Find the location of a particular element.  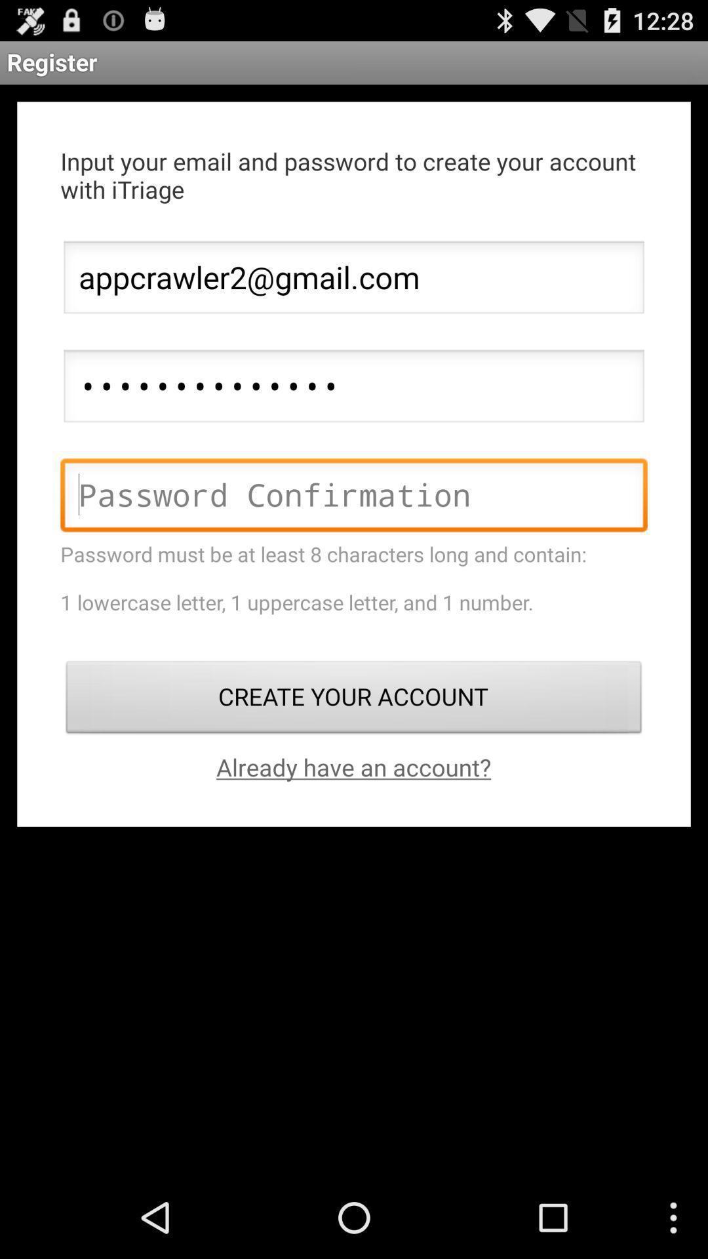

input password field is located at coordinates (354, 498).